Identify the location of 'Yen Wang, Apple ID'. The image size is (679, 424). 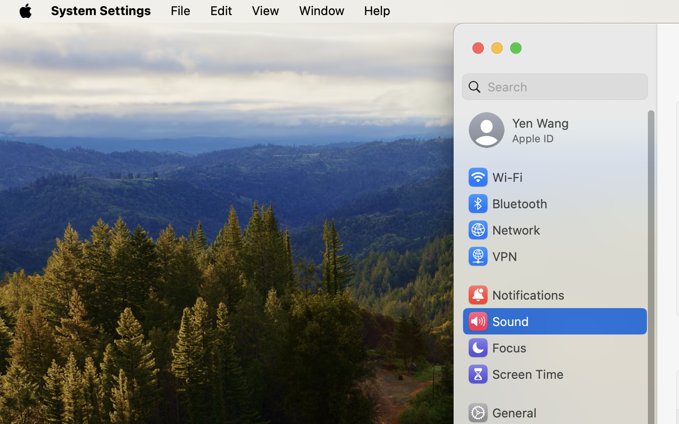
(518, 130).